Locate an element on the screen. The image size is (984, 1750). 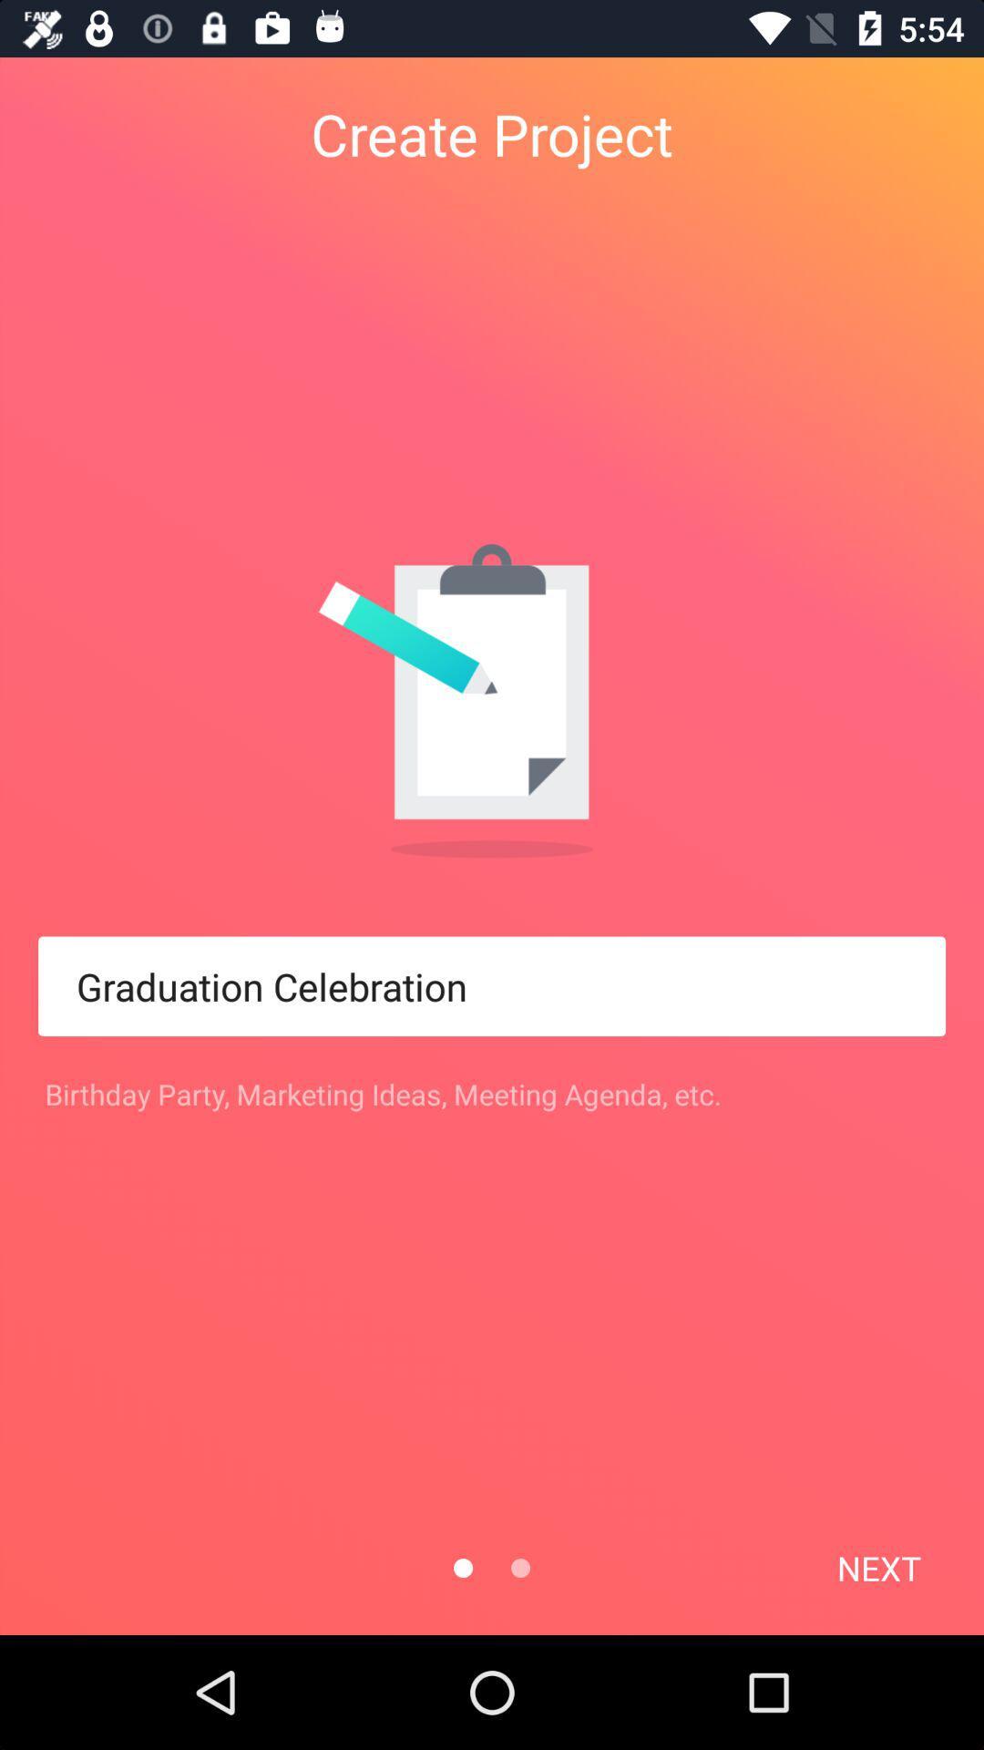
next at the bottom right corner is located at coordinates (877, 1567).